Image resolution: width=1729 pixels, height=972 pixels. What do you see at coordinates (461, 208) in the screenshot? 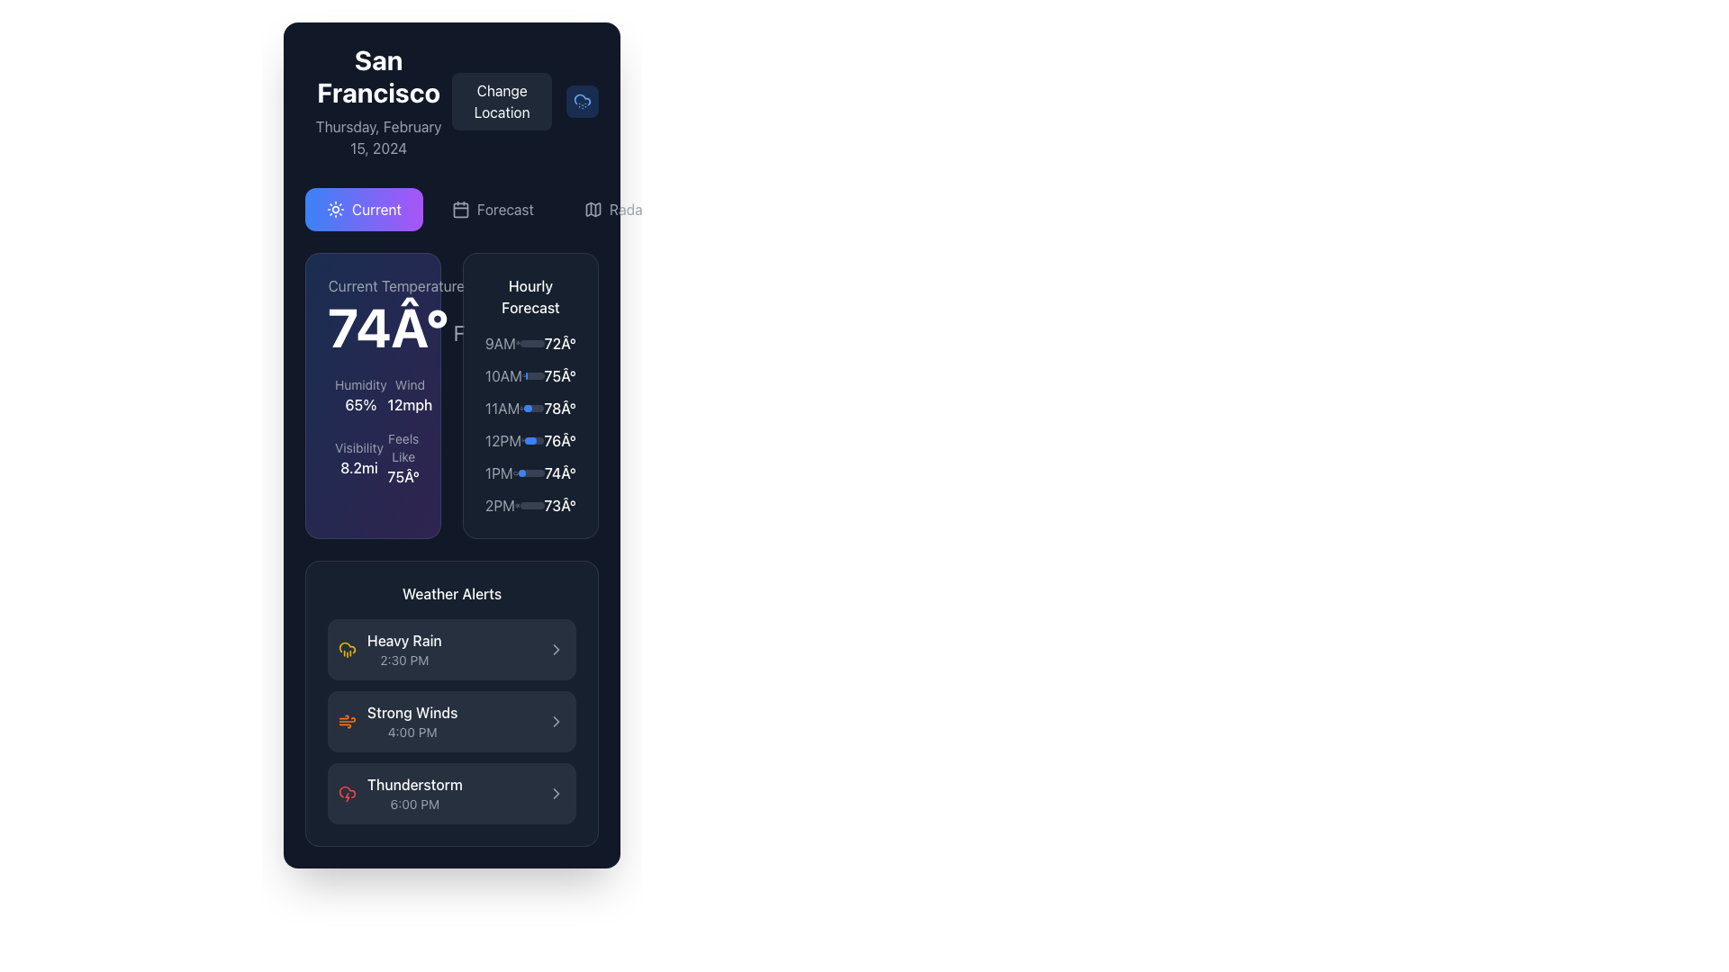
I see `the dark rectangle with rounded corners located at the bottom half of the calendar icon, which is centered horizontally within the icon` at bounding box center [461, 208].